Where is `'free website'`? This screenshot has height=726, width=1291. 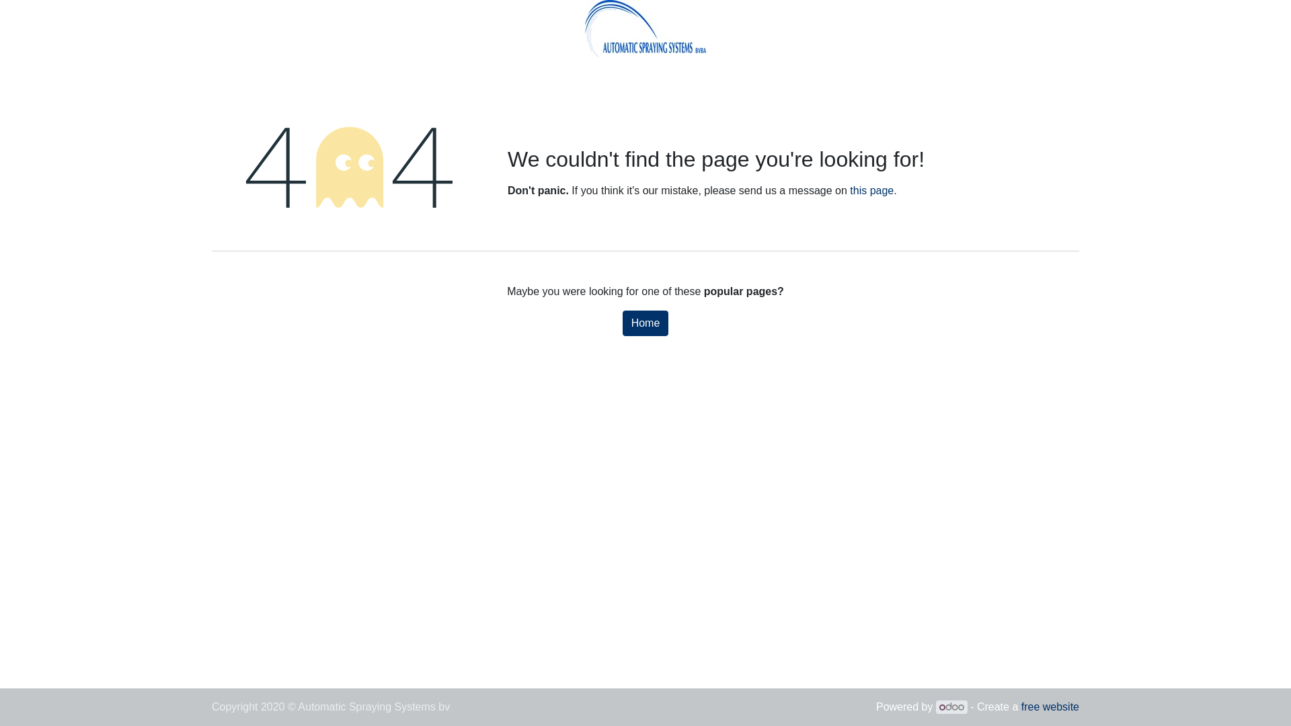
'free website' is located at coordinates (1021, 706).